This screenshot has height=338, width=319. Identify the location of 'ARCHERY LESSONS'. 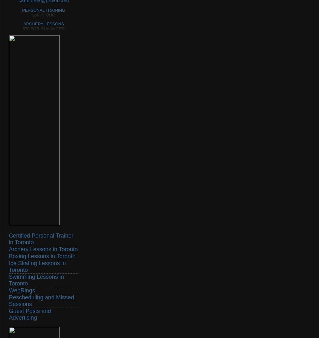
(43, 23).